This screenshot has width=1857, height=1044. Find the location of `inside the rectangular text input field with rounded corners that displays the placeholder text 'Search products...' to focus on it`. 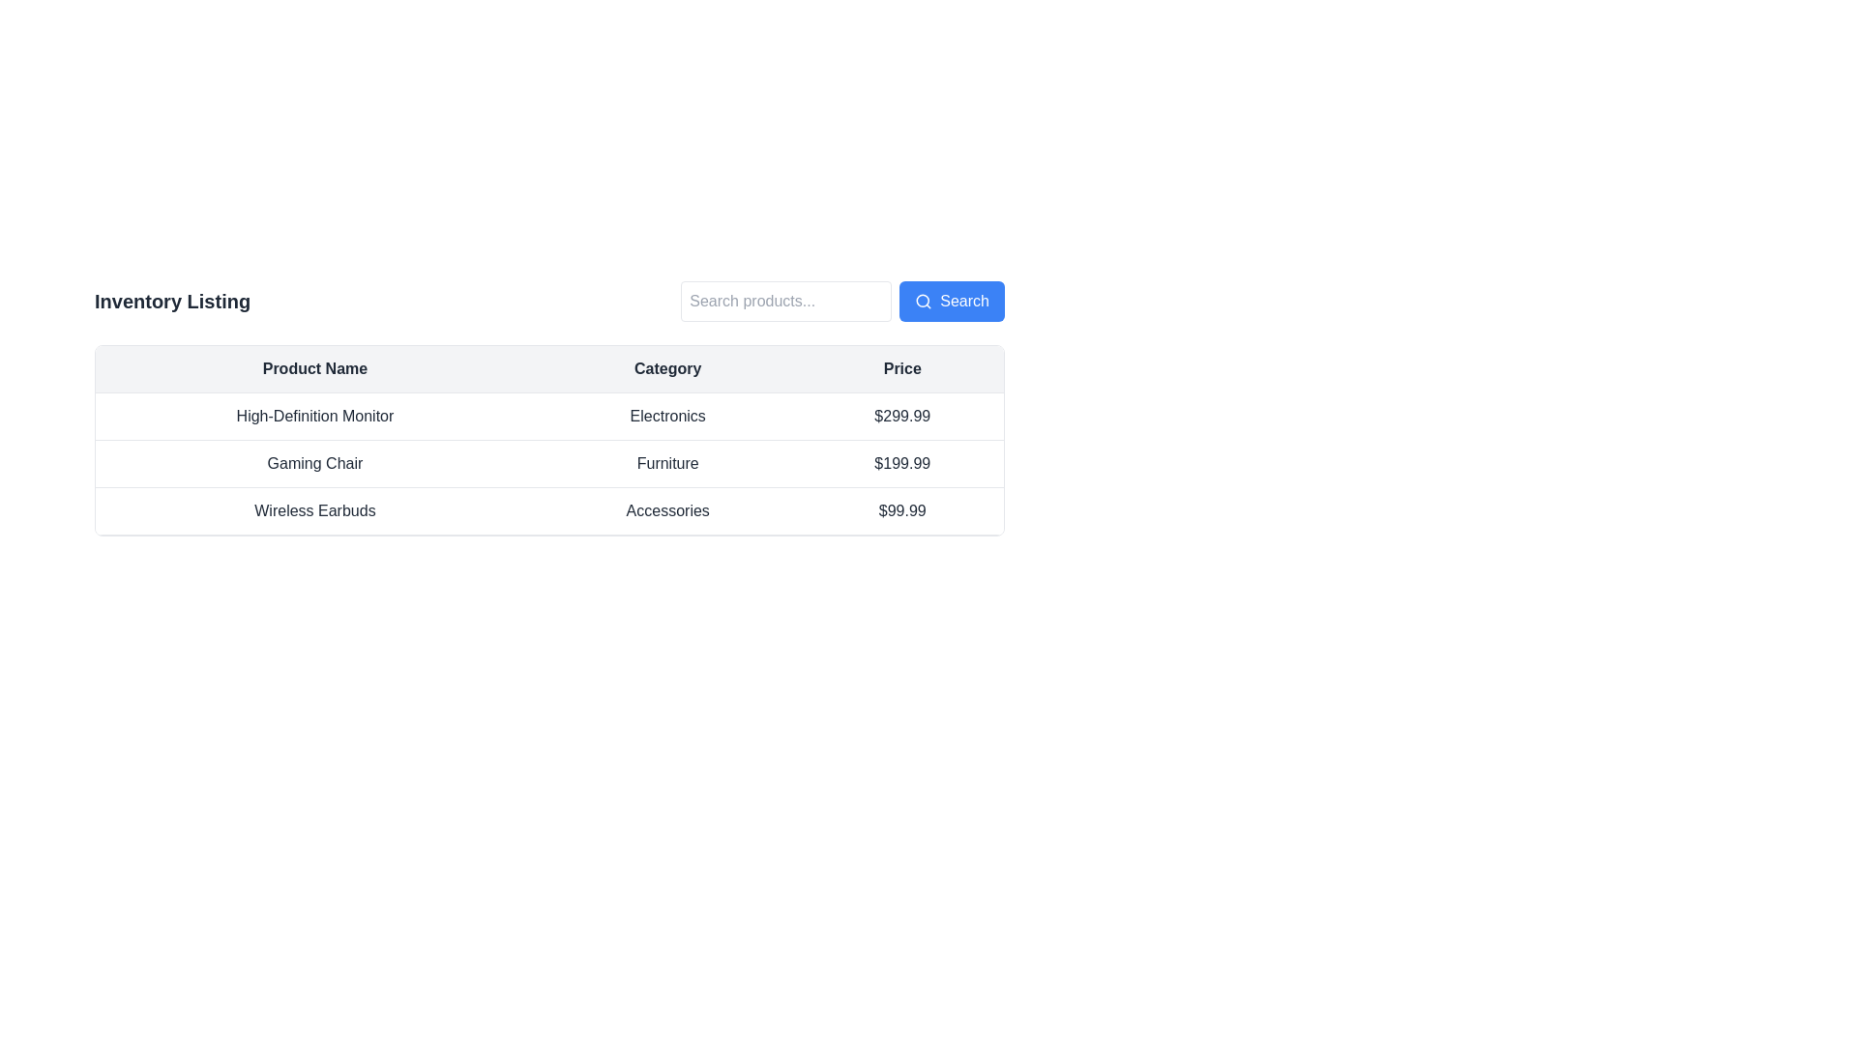

inside the rectangular text input field with rounded corners that displays the placeholder text 'Search products...' to focus on it is located at coordinates (786, 302).